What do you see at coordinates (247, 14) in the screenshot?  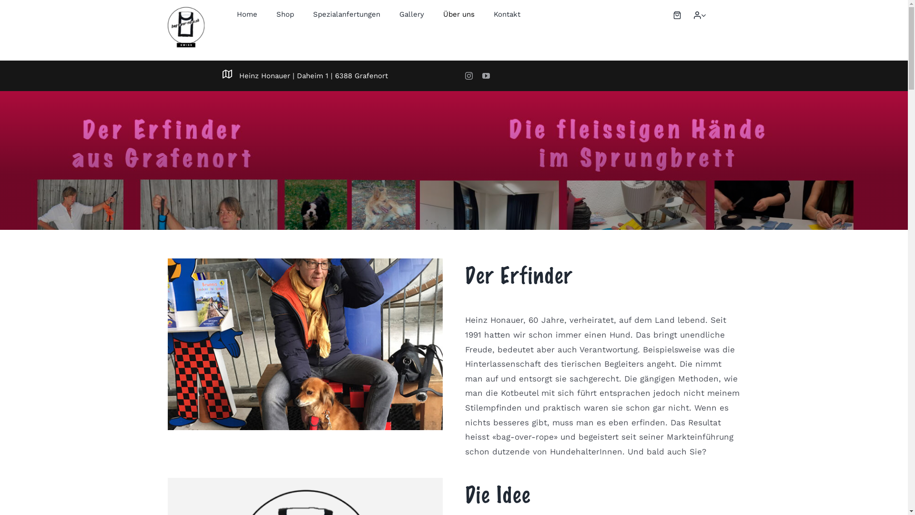 I see `'Home'` at bounding box center [247, 14].